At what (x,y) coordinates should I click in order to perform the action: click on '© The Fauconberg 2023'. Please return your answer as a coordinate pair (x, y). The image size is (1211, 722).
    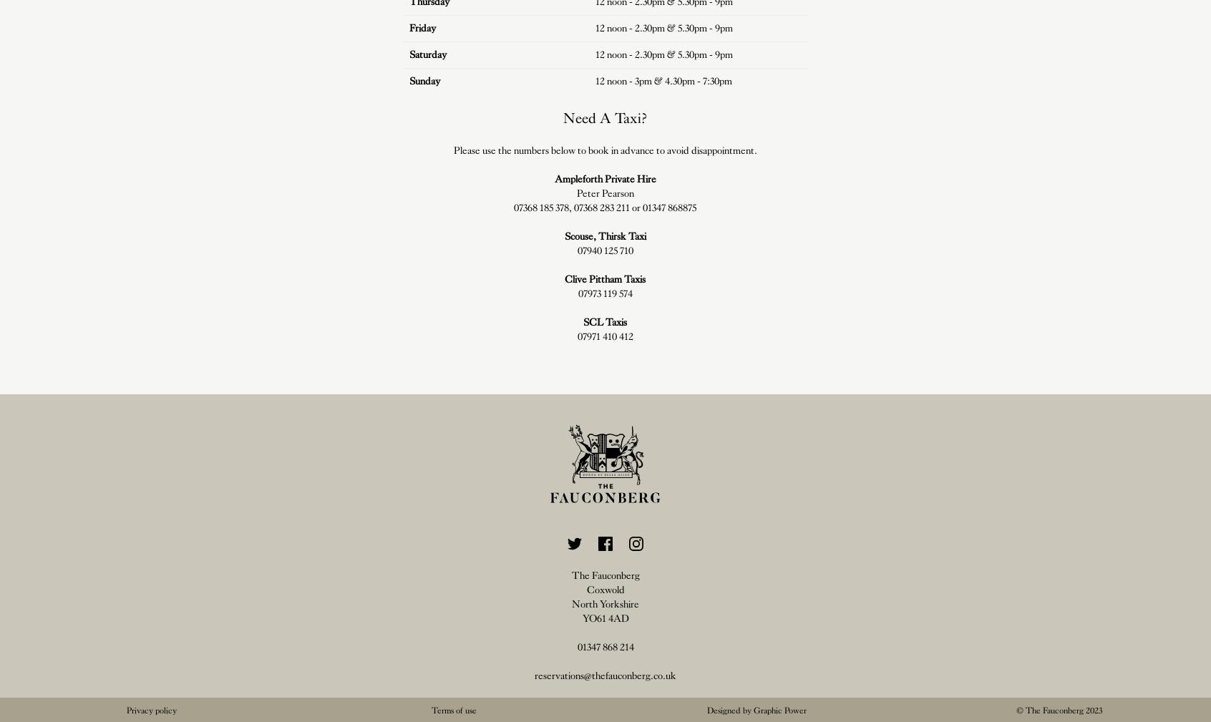
    Looking at the image, I should click on (1059, 710).